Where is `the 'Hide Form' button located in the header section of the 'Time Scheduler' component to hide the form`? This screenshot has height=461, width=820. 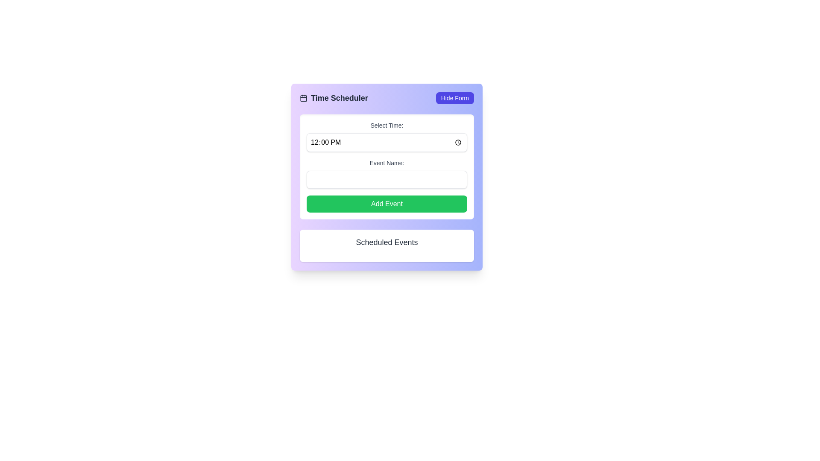
the 'Hide Form' button located in the header section of the 'Time Scheduler' component to hide the form is located at coordinates (454, 98).